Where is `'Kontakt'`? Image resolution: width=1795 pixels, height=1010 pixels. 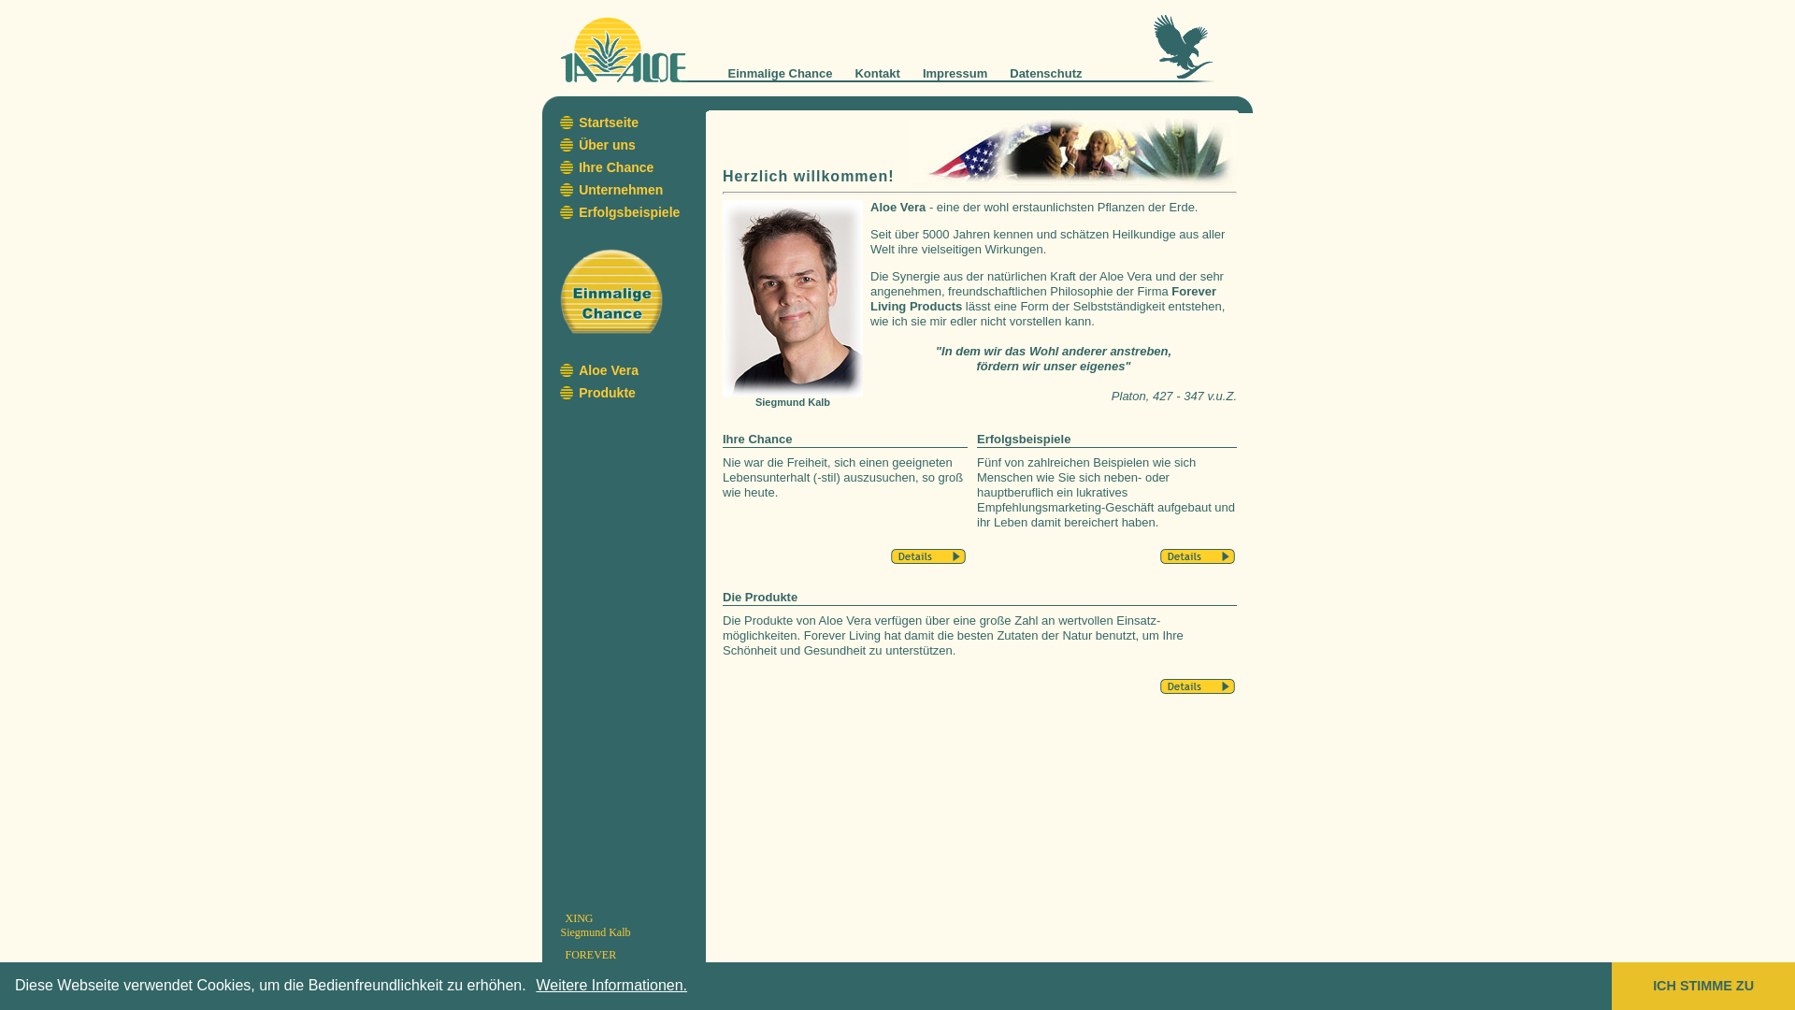
'Kontakt' is located at coordinates (875, 72).